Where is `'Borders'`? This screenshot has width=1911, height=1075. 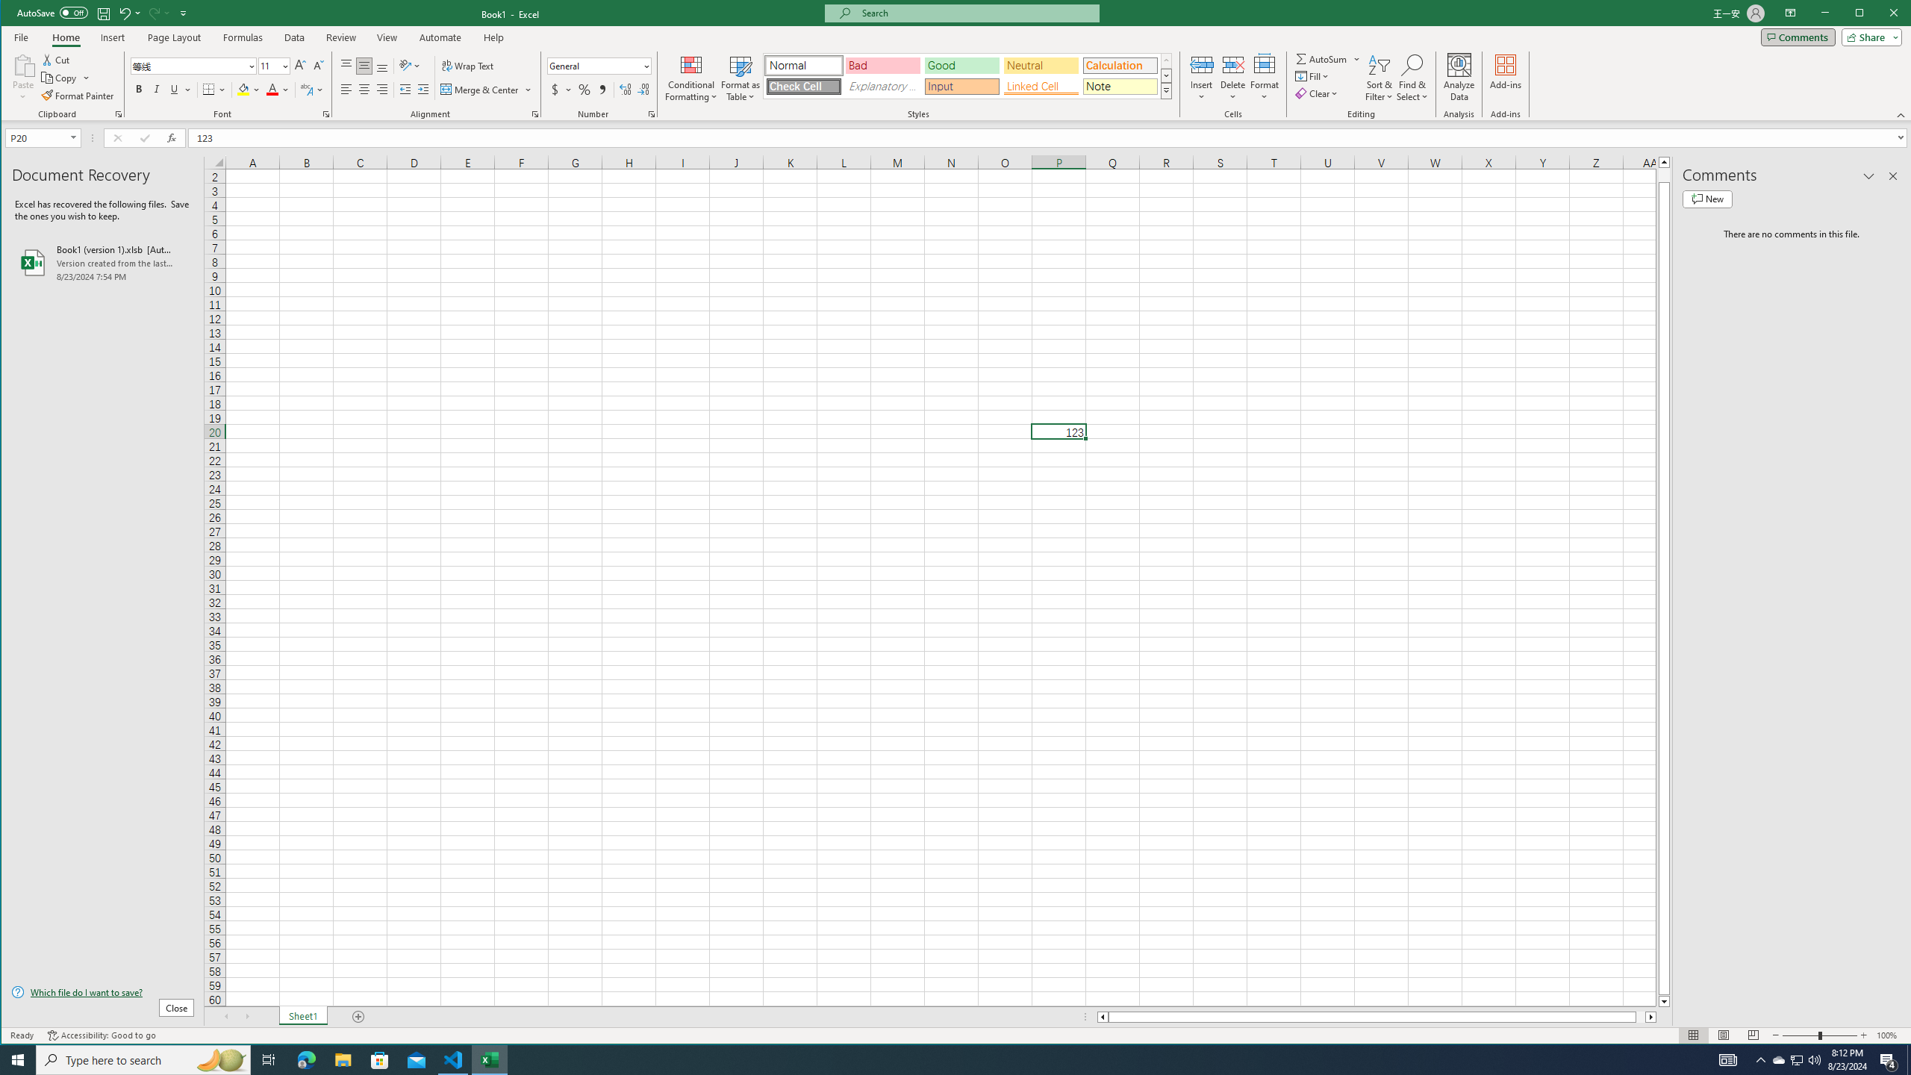 'Borders' is located at coordinates (215, 89).